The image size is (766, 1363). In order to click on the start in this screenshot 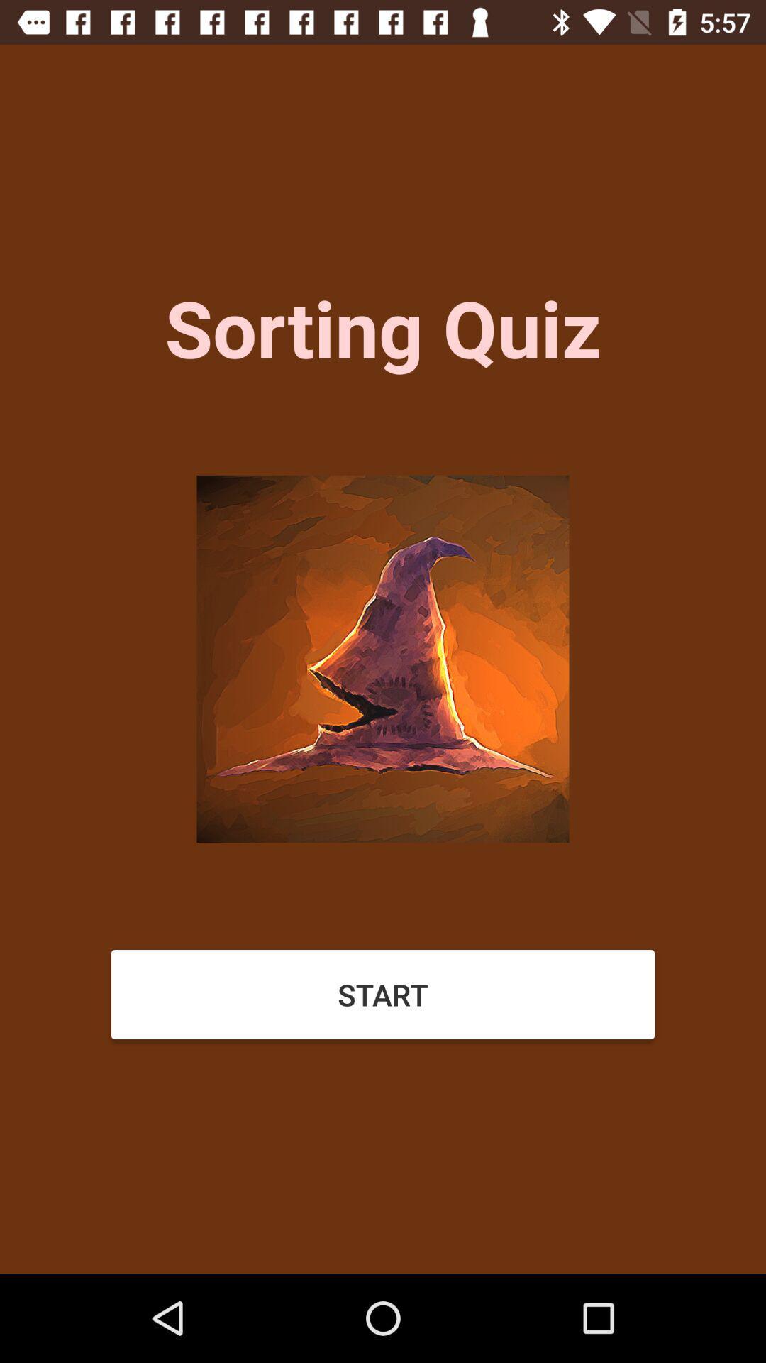, I will do `click(383, 994)`.